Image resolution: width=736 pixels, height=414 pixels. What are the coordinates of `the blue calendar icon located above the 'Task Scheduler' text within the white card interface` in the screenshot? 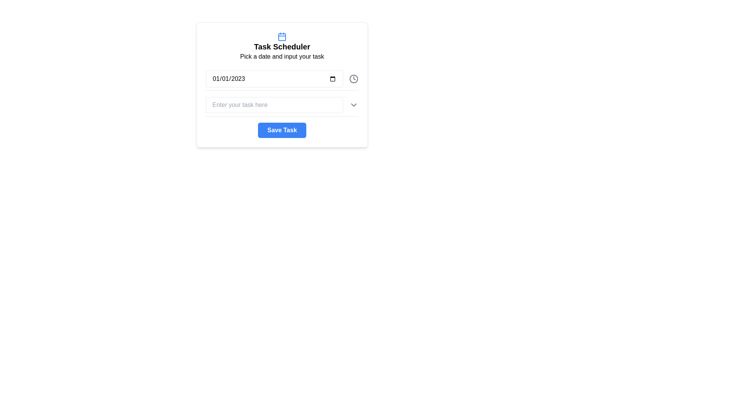 It's located at (281, 36).